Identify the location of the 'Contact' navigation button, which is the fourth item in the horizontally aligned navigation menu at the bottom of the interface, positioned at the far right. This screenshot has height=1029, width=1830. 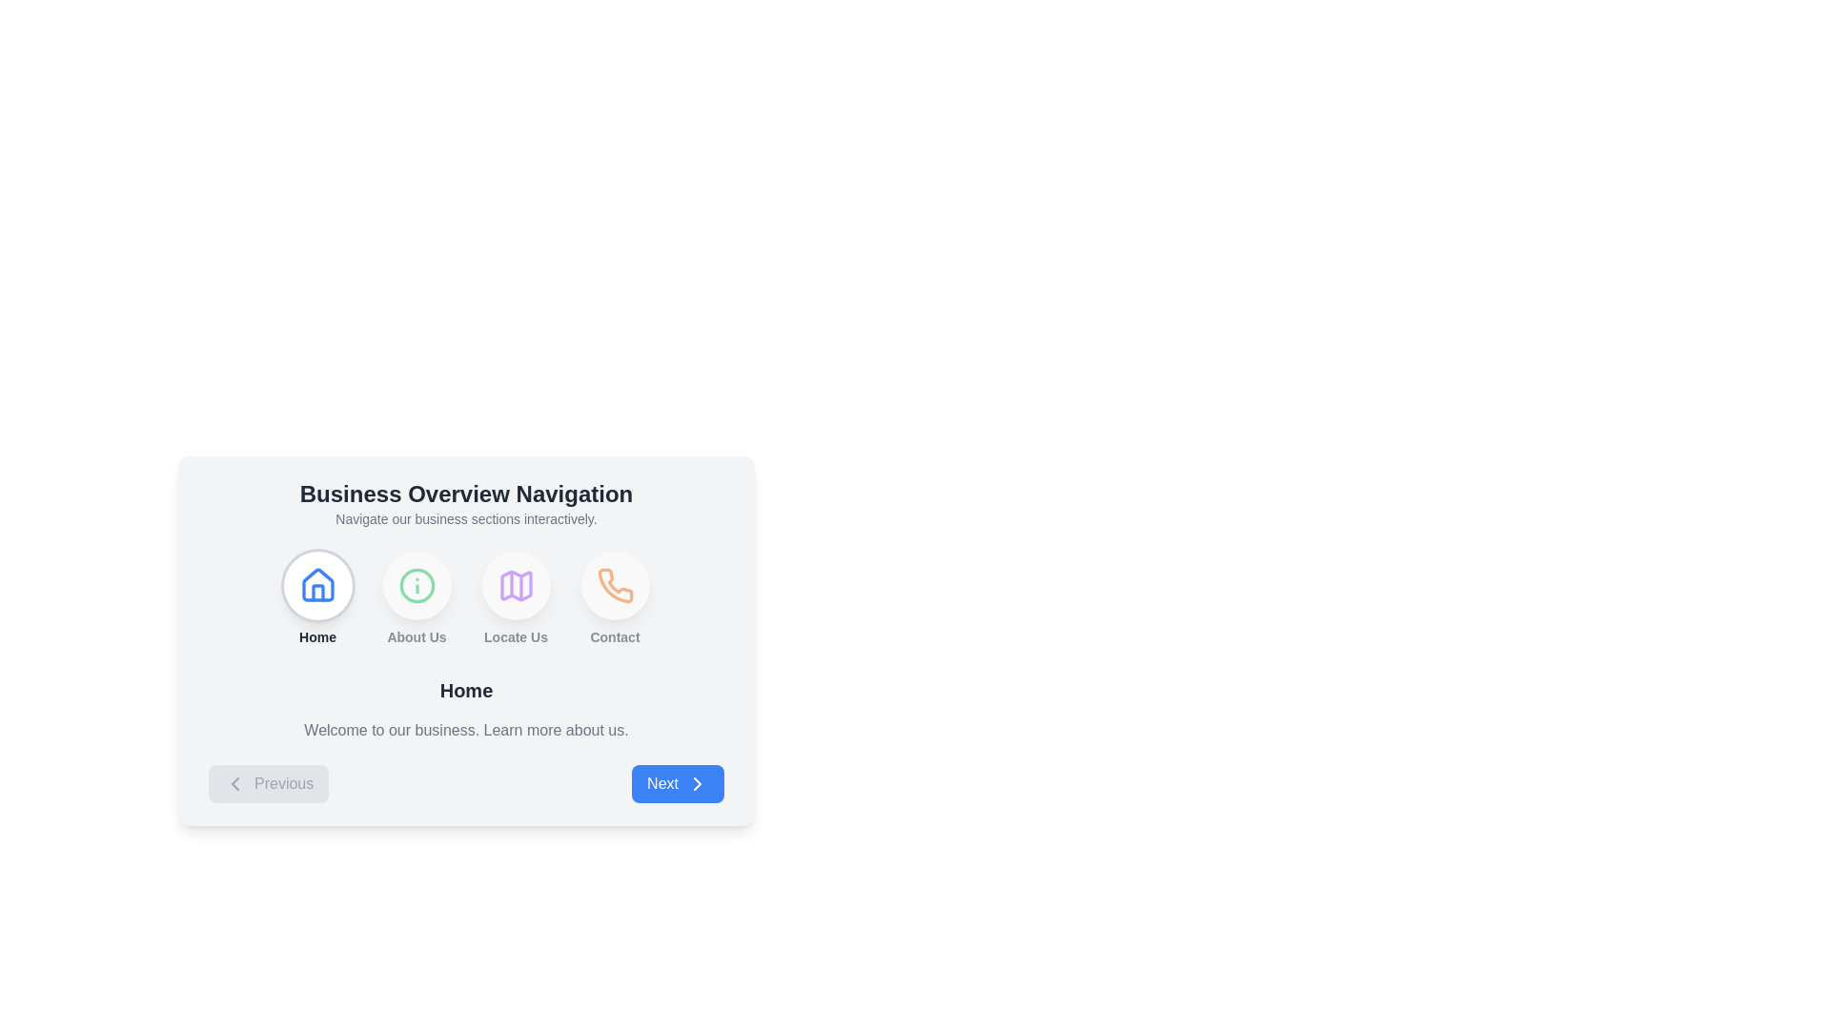
(615, 597).